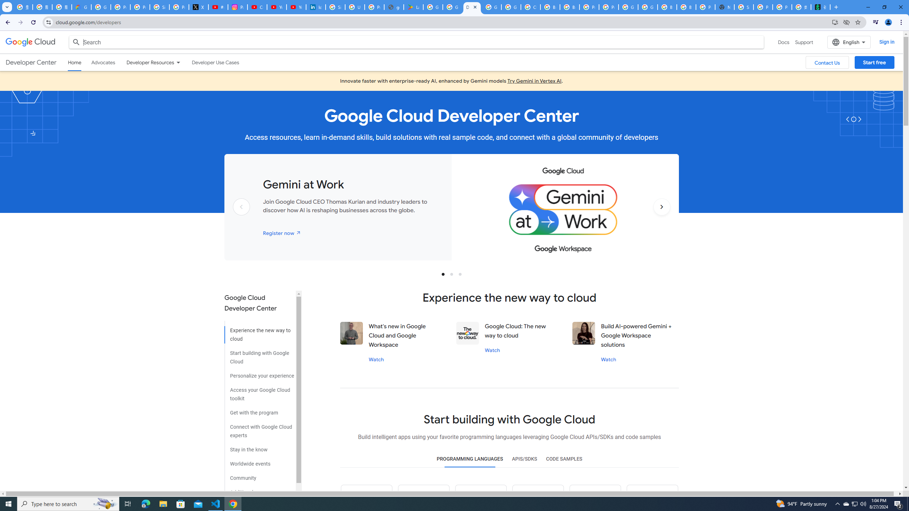  I want to click on 'Slide 3', so click(460, 274).